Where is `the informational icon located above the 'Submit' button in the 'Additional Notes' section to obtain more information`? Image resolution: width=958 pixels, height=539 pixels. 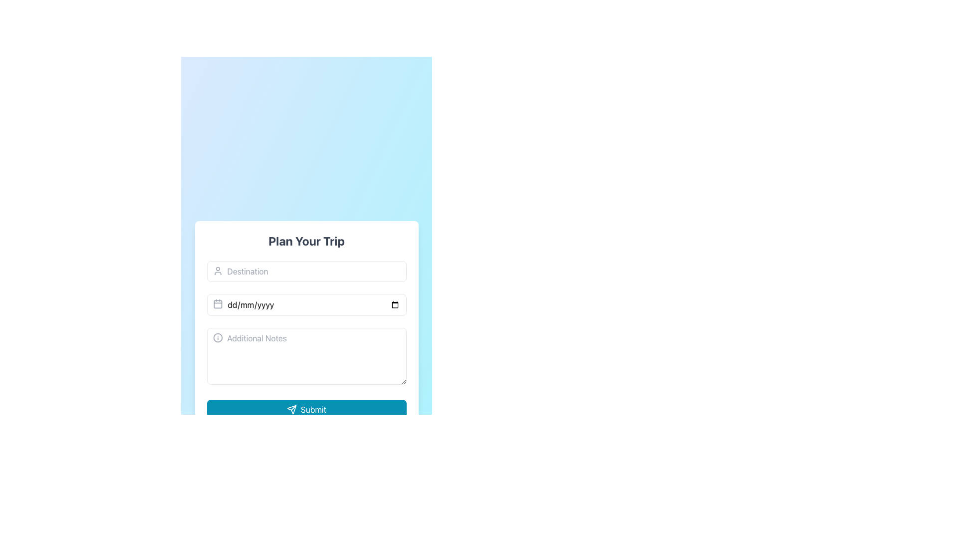
the informational icon located above the 'Submit' button in the 'Additional Notes' section to obtain more information is located at coordinates (217, 337).